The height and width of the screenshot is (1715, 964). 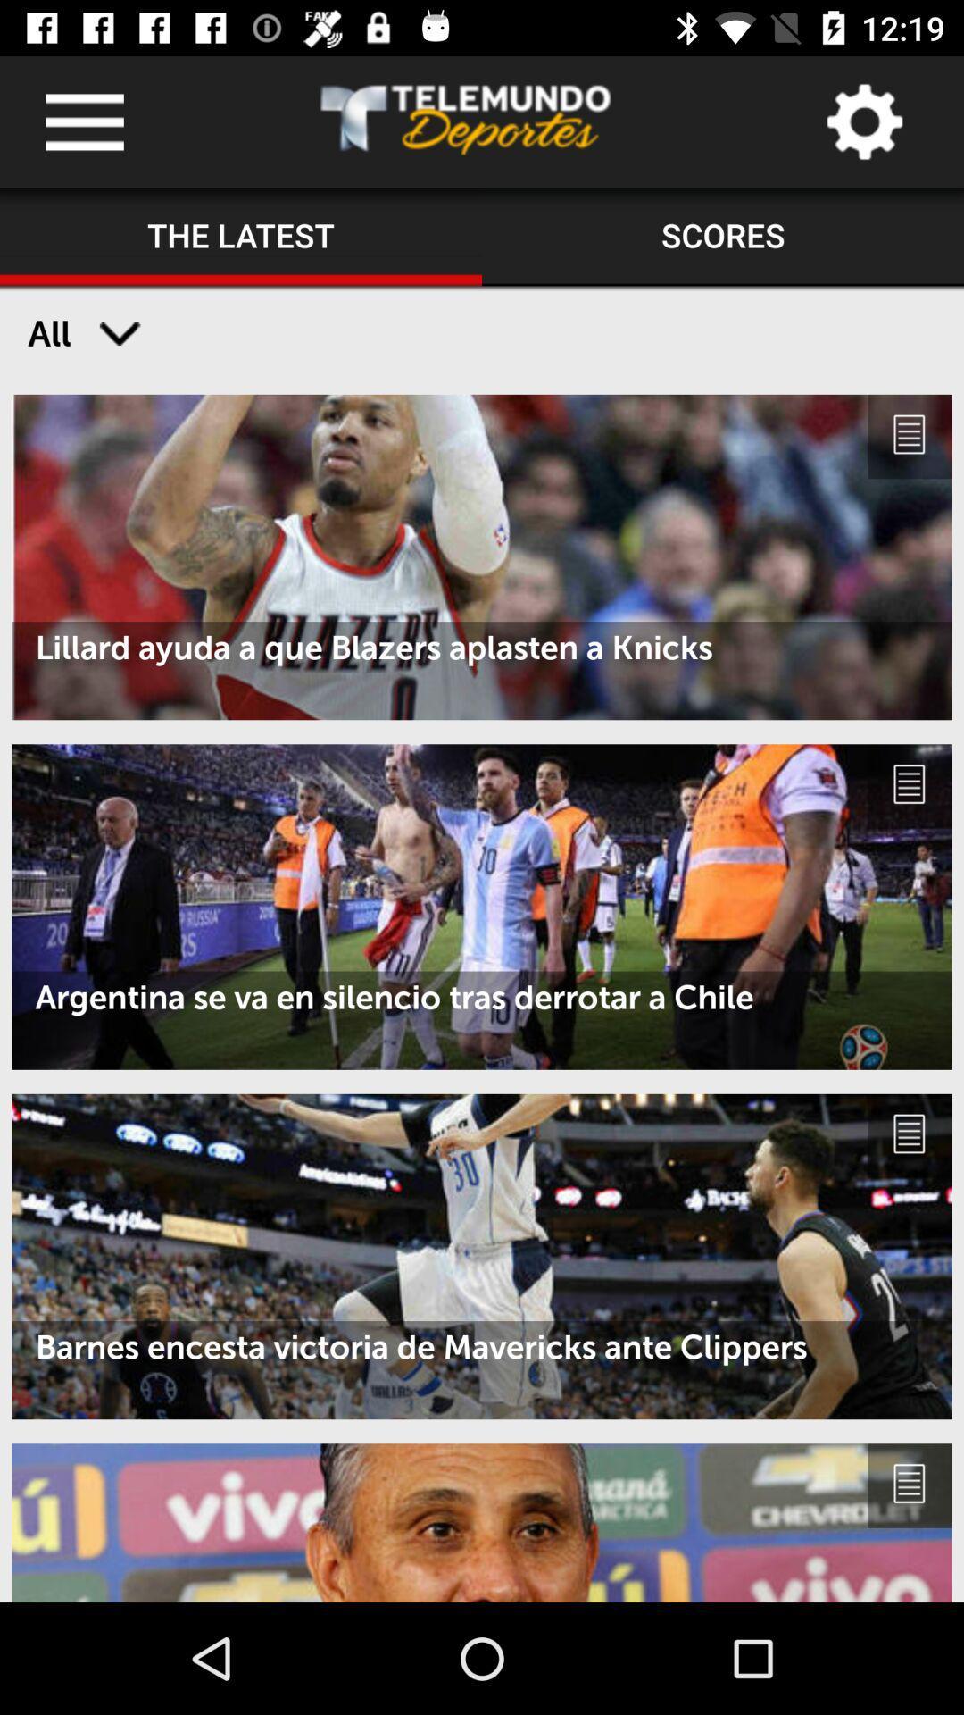 I want to click on the item to the right of the the latest, so click(x=723, y=236).